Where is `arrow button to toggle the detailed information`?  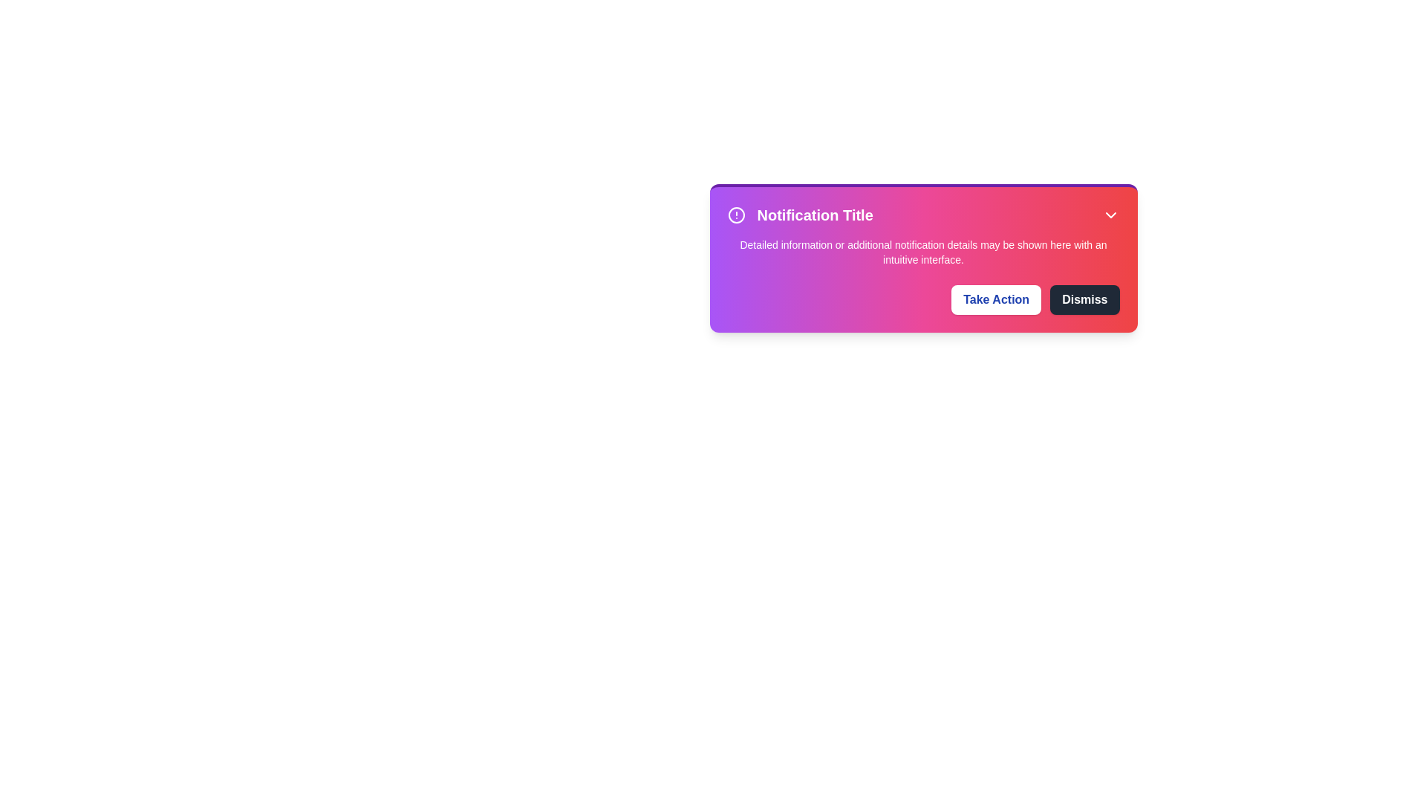
arrow button to toggle the detailed information is located at coordinates (1110, 215).